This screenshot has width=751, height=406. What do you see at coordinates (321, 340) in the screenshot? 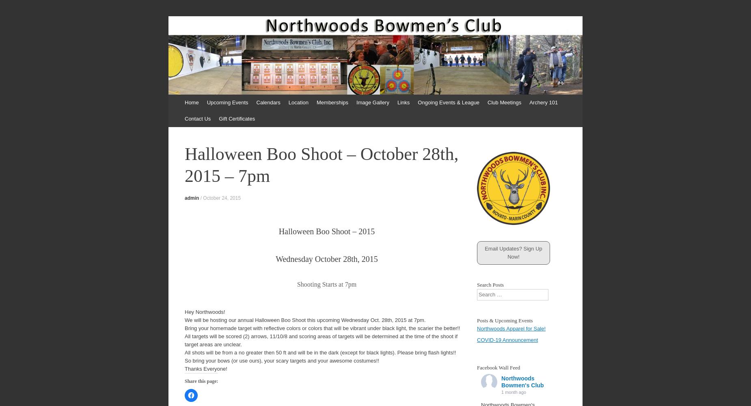
I see `'All targets will be scored (2) arrows, 11/10/8 and scoring areas of targets will be determined at the time of the shoot if target areas are unclear.'` at bounding box center [321, 340].